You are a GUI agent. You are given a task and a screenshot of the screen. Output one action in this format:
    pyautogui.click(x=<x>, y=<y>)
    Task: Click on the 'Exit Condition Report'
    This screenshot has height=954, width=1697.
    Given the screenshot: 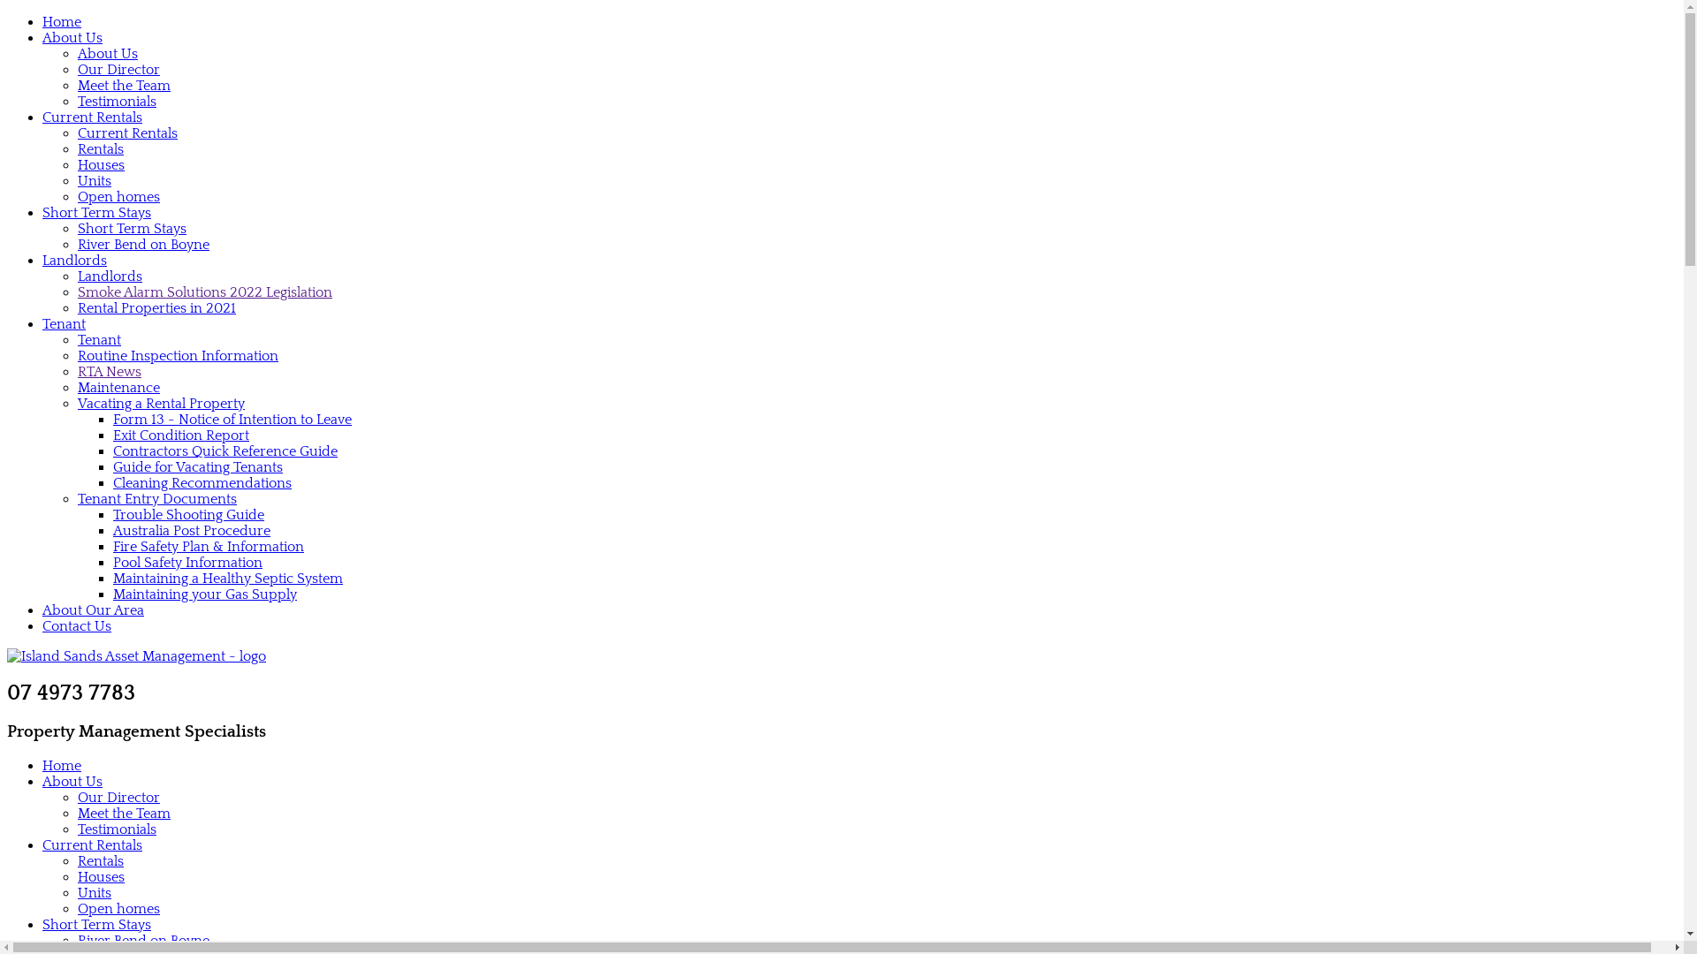 What is the action you would take?
    pyautogui.click(x=181, y=435)
    